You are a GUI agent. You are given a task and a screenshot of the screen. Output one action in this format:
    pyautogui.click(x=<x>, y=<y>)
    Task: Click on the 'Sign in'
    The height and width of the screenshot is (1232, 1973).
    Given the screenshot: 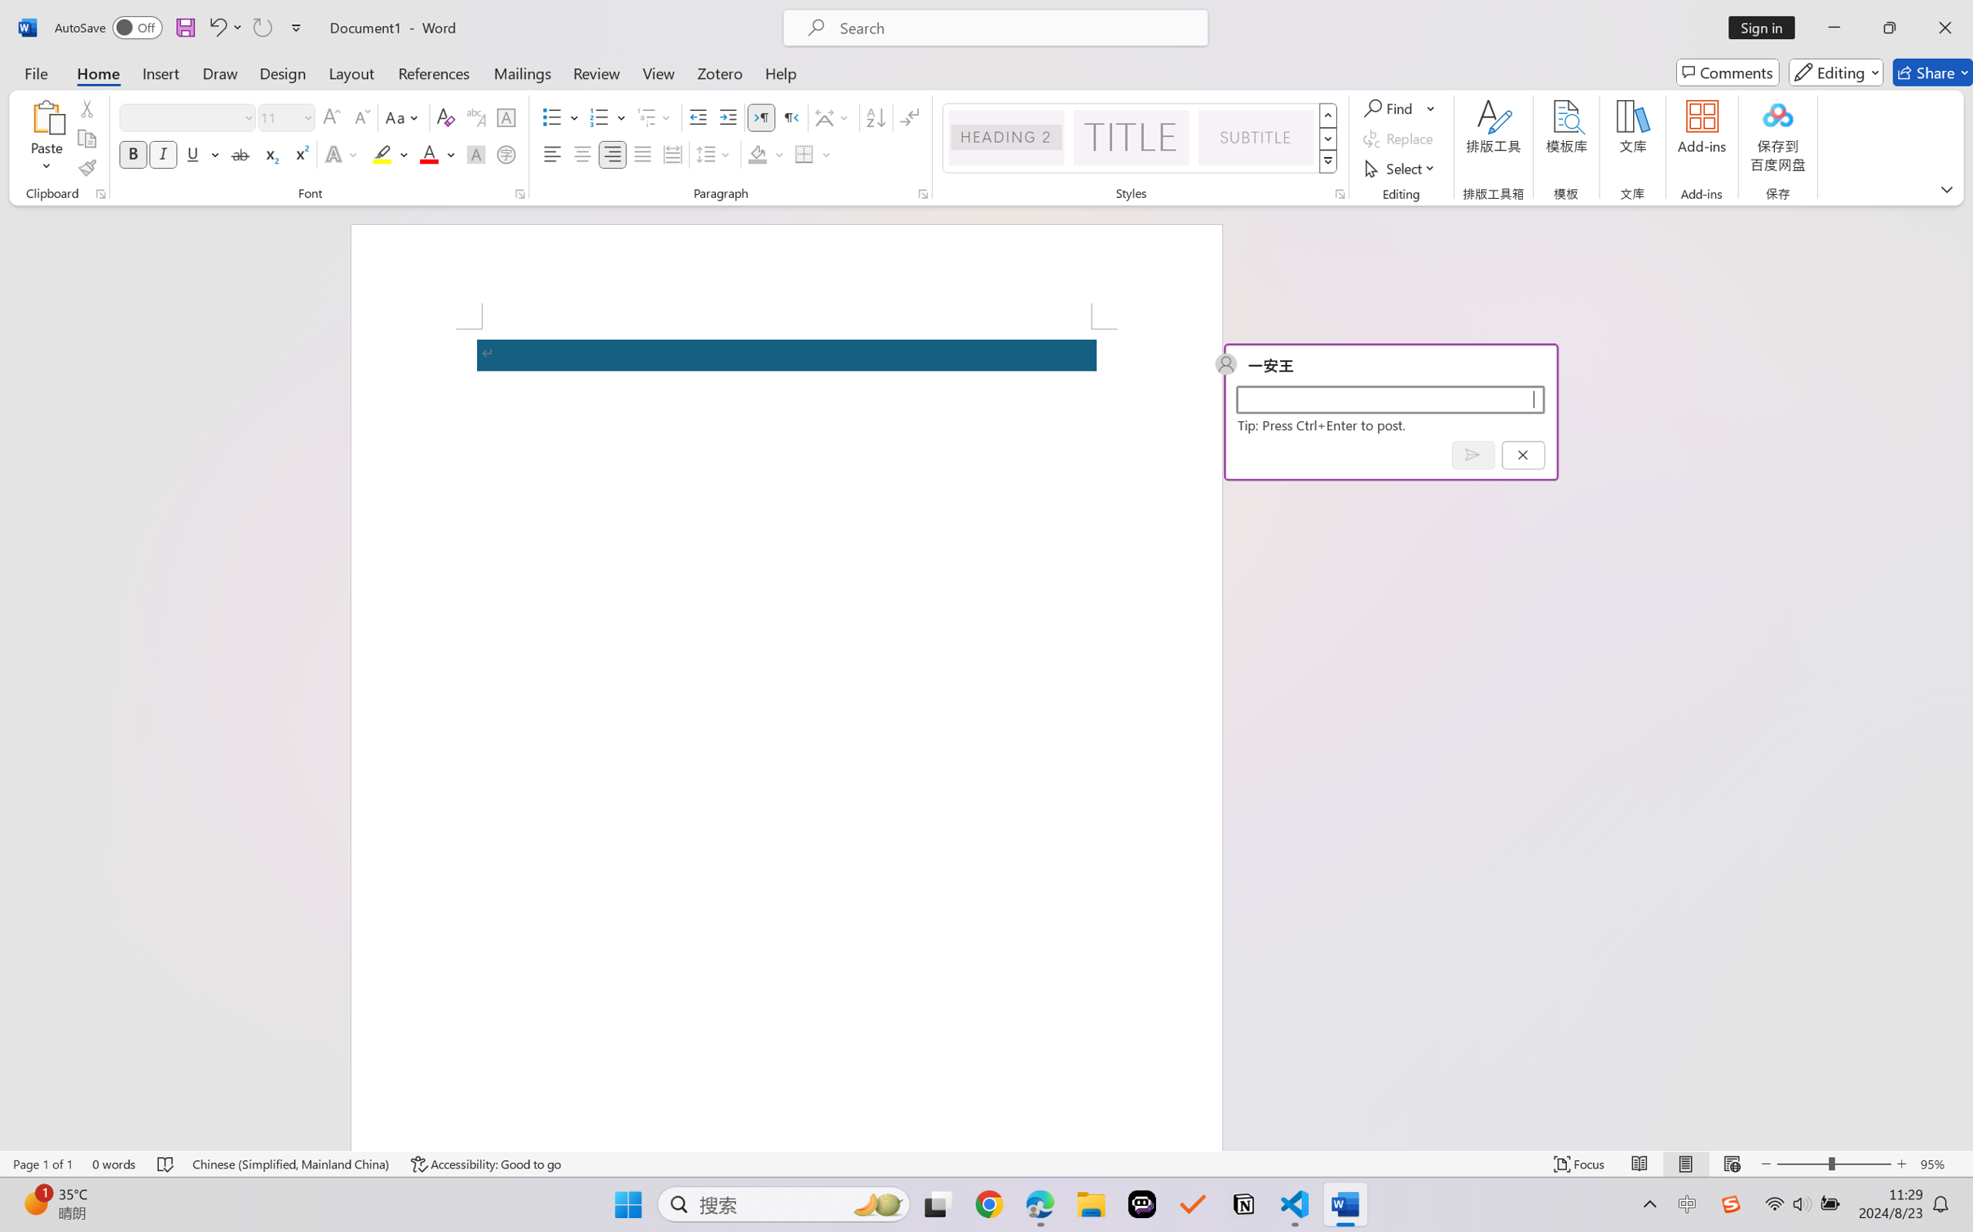 What is the action you would take?
    pyautogui.click(x=1768, y=27)
    